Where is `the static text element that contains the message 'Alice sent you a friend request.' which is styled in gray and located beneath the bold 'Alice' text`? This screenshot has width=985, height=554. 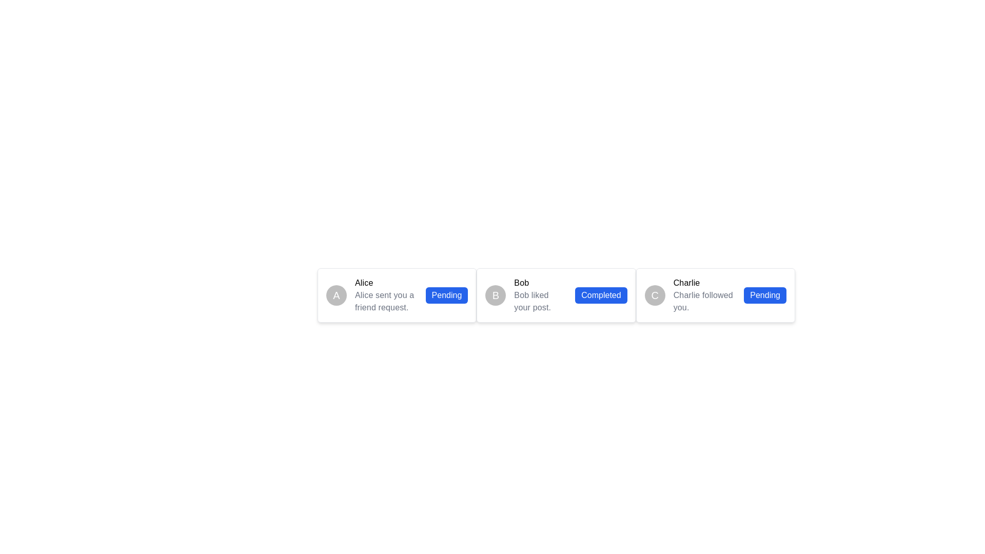
the static text element that contains the message 'Alice sent you a friend request.' which is styled in gray and located beneath the bold 'Alice' text is located at coordinates (385, 301).